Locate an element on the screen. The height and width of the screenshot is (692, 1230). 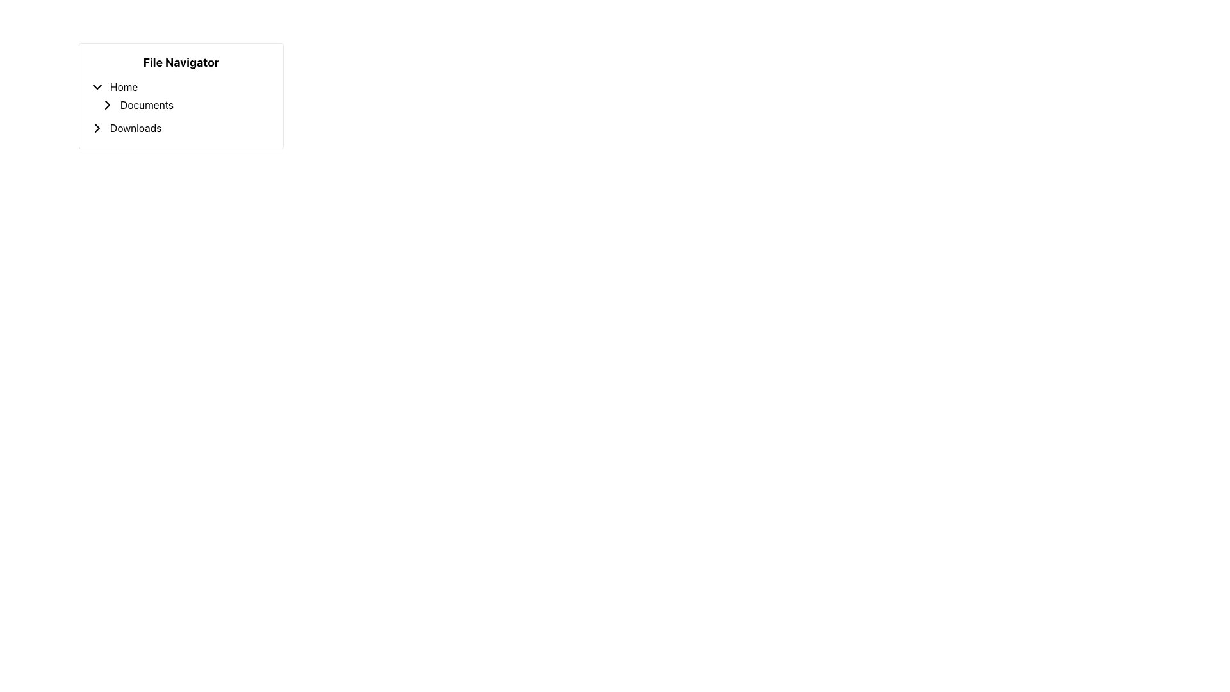
the downward-facing chevron icon located to the left of the 'Home' text within the 'File Navigator' is located at coordinates (97, 86).